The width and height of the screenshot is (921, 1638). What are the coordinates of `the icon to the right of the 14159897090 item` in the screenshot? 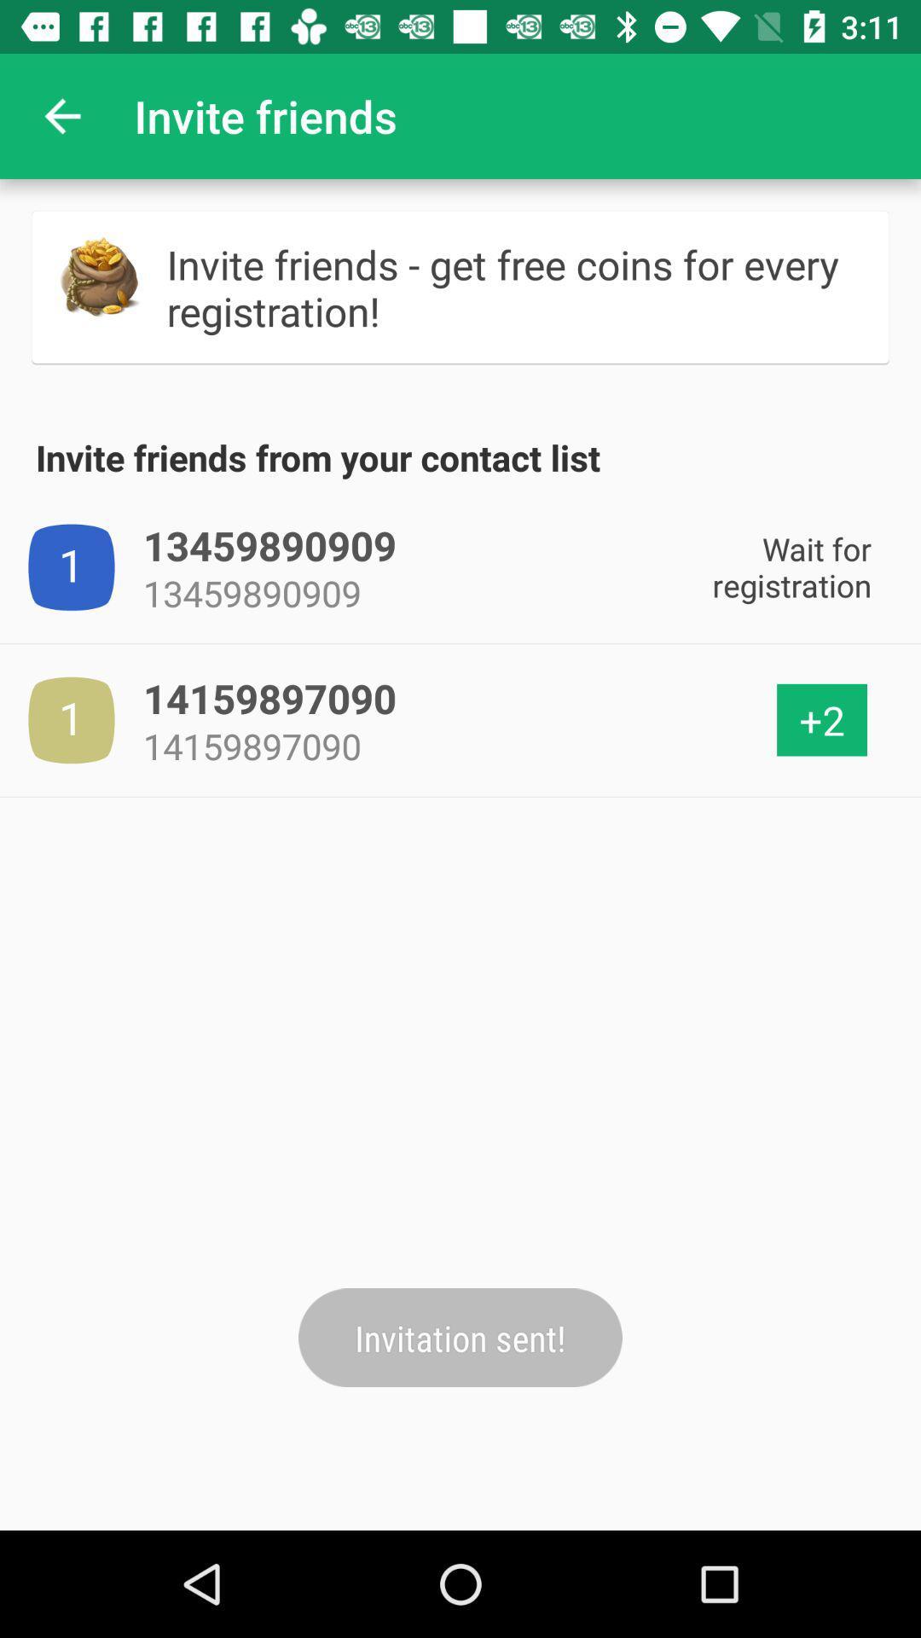 It's located at (821, 720).